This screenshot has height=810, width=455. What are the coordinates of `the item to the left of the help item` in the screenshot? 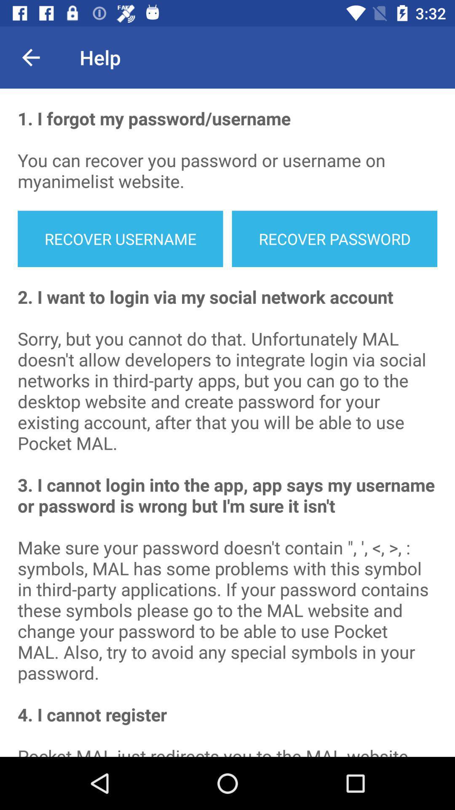 It's located at (30, 57).